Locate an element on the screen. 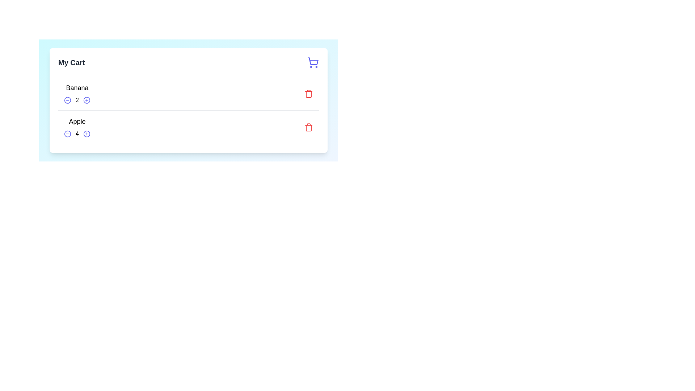 Image resolution: width=695 pixels, height=391 pixels. the decrement button for the 'Apple' item in the cart, which is located to the left of the quantity display '4' is located at coordinates (68, 134).